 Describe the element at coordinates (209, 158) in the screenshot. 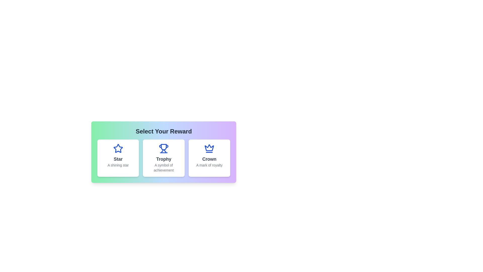

I see `the reward card labeled 'Crown' to view its hover effect` at that location.